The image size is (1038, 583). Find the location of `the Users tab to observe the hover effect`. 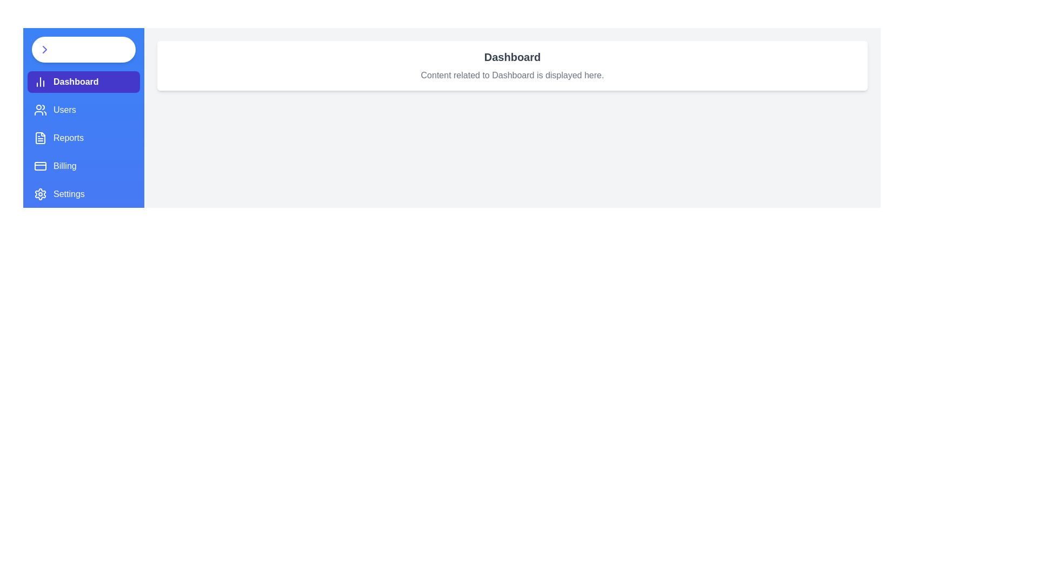

the Users tab to observe the hover effect is located at coordinates (83, 110).